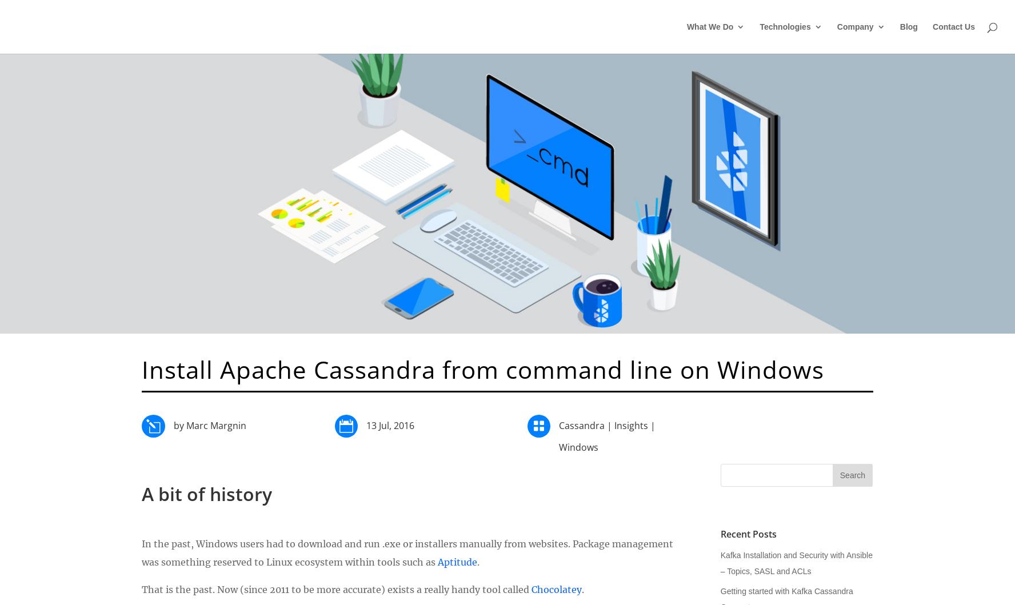 The image size is (1015, 605). I want to click on 'Cloud', so click(793, 100).